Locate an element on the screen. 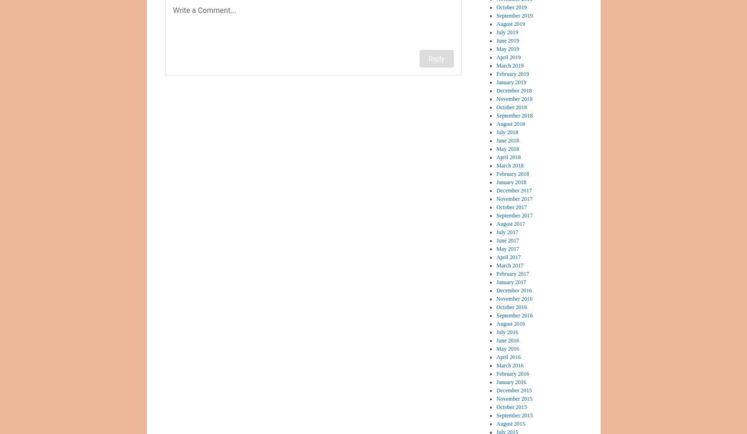 Image resolution: width=747 pixels, height=434 pixels. 'October 2017' is located at coordinates (511, 206).